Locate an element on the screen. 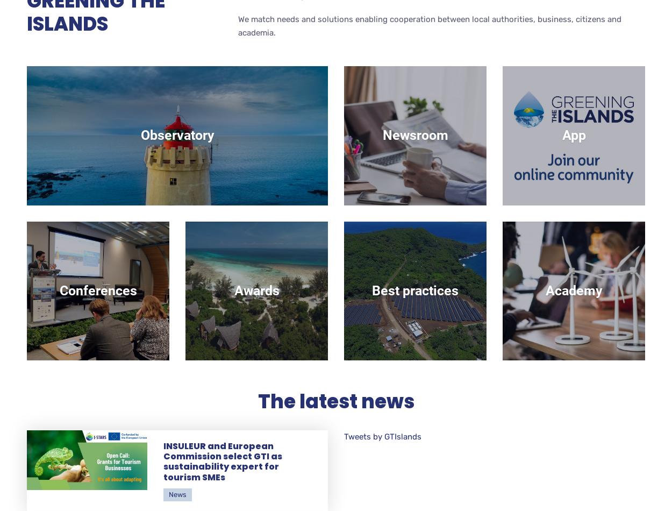 The width and height of the screenshot is (672, 511). 'INSULEUR and European Commission select GTI as sustainability expert for tourism SMEs' is located at coordinates (223, 461).